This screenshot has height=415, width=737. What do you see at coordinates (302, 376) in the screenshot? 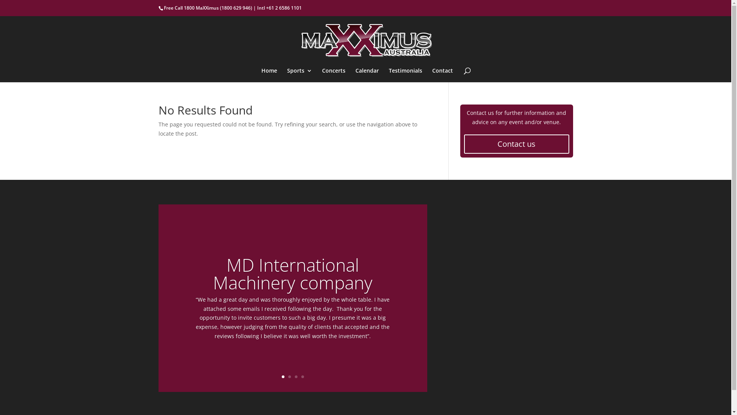
I see `'4'` at bounding box center [302, 376].